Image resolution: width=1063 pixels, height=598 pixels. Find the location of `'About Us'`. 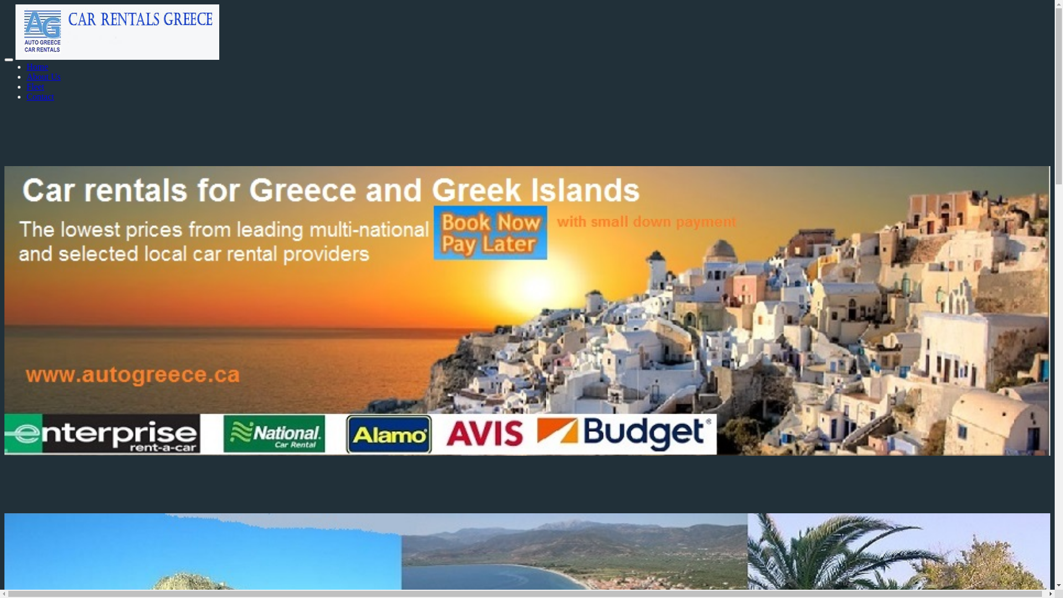

'About Us' is located at coordinates (27, 76).